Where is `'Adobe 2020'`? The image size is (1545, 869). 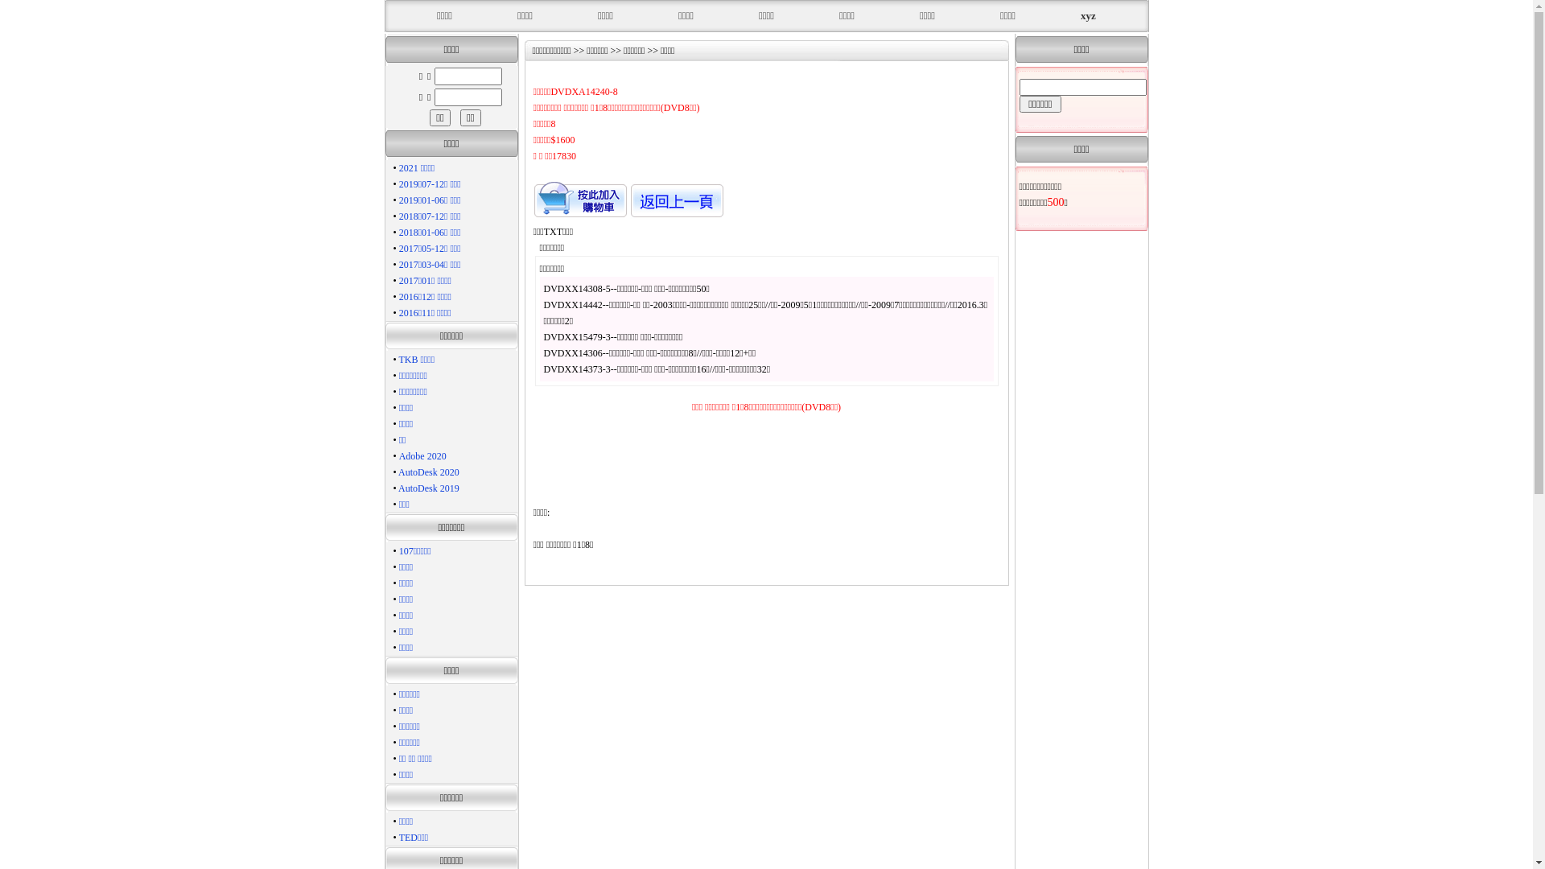 'Adobe 2020' is located at coordinates (422, 456).